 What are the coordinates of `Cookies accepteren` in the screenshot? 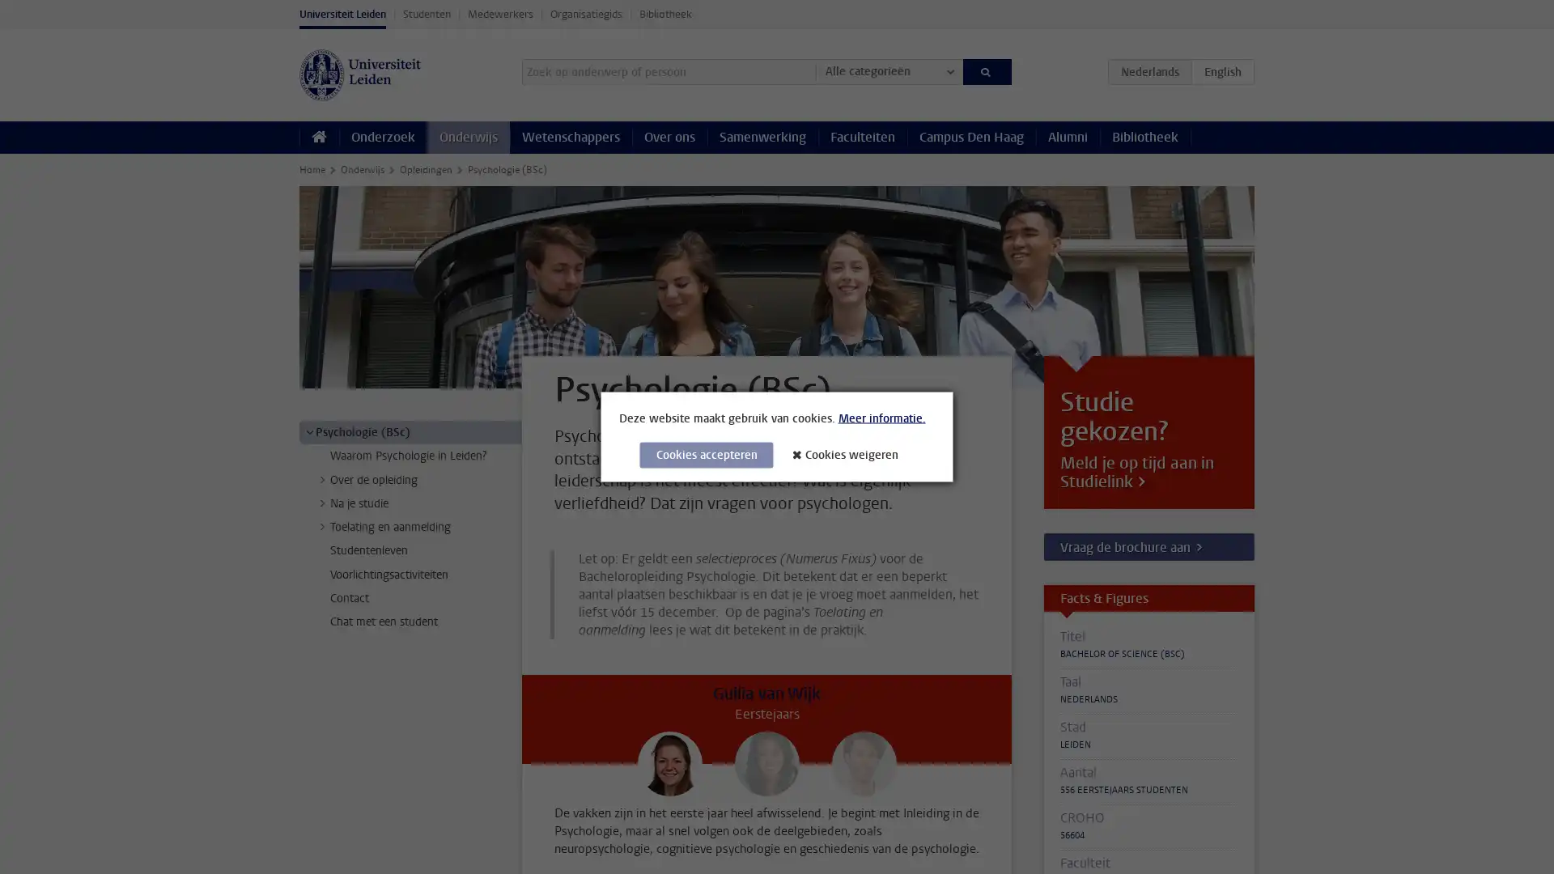 It's located at (706, 455).